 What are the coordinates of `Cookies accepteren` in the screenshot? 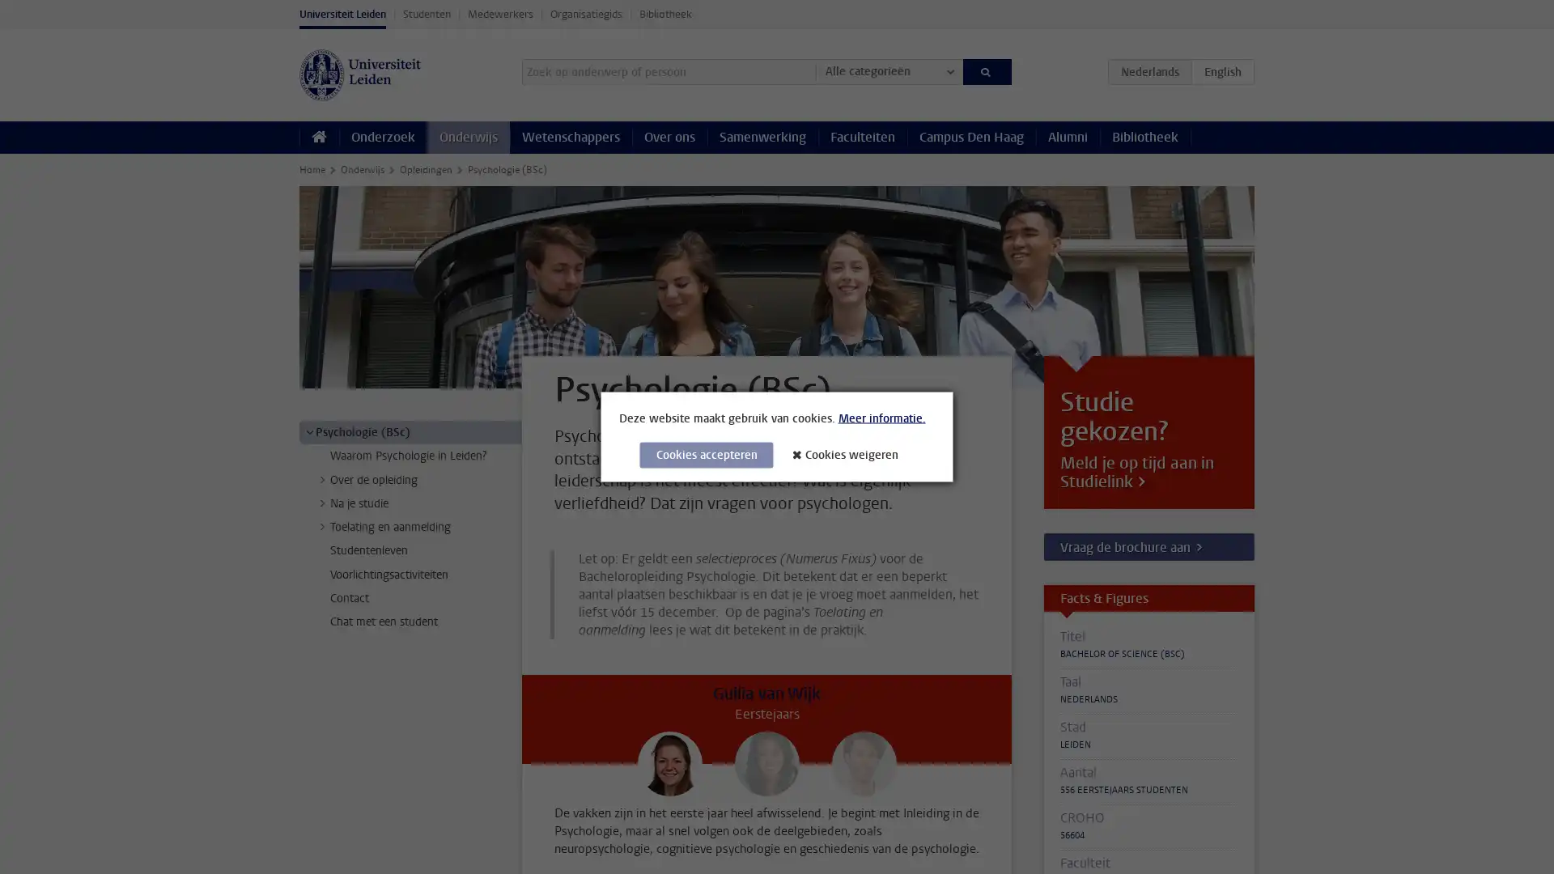 It's located at (706, 455).